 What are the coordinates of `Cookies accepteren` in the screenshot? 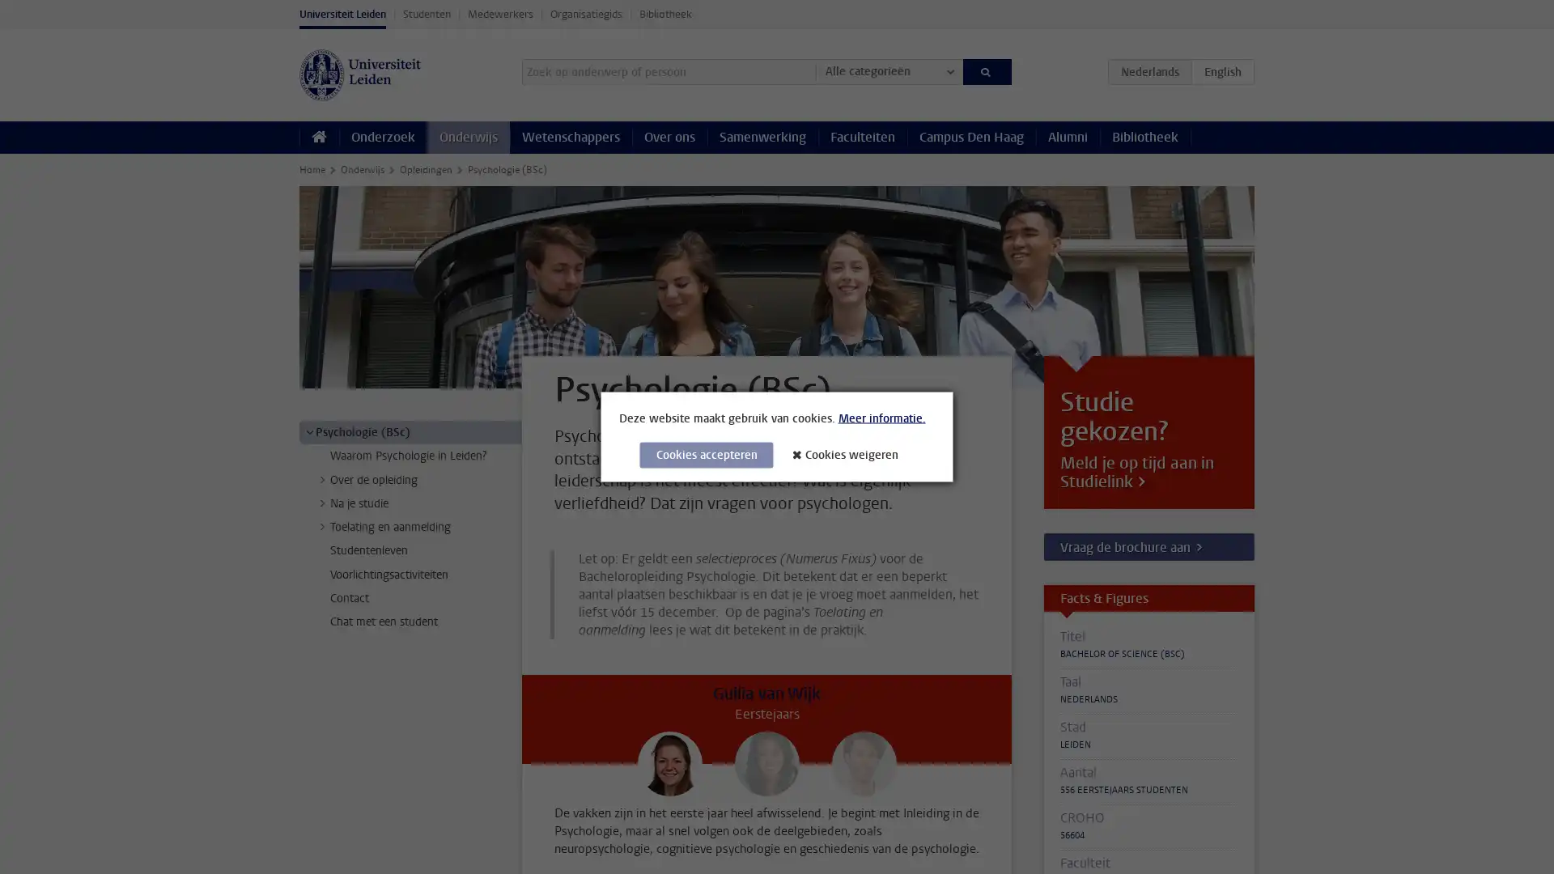 It's located at (706, 455).